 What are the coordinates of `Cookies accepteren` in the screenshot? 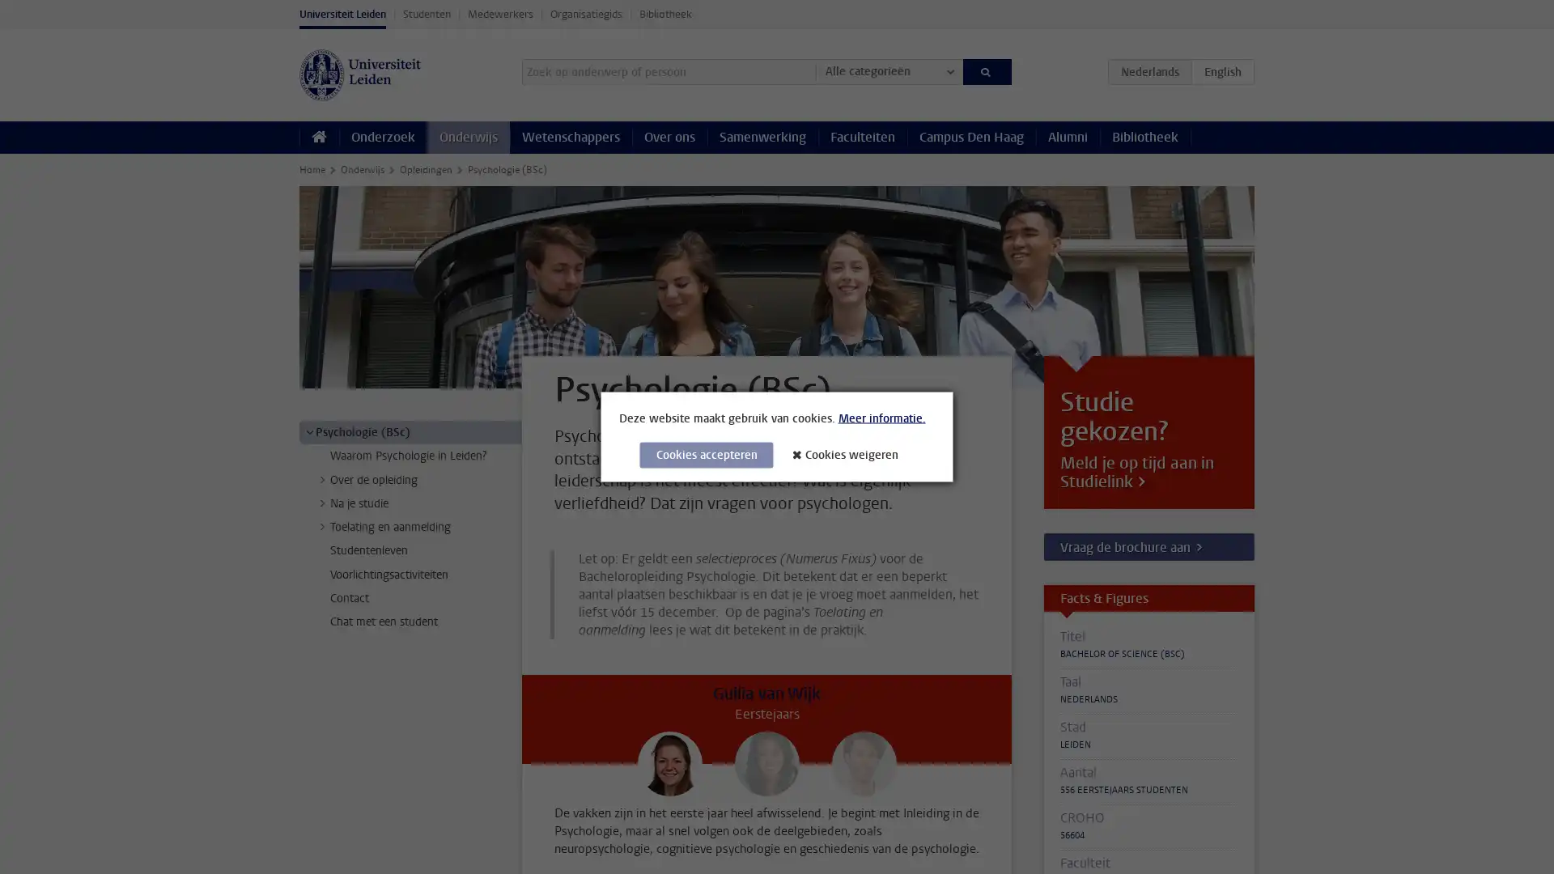 It's located at (706, 455).